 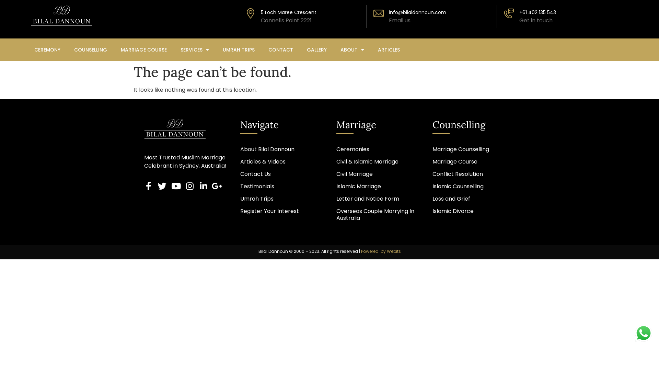 I want to click on 'Loss and Grief', so click(x=473, y=199).